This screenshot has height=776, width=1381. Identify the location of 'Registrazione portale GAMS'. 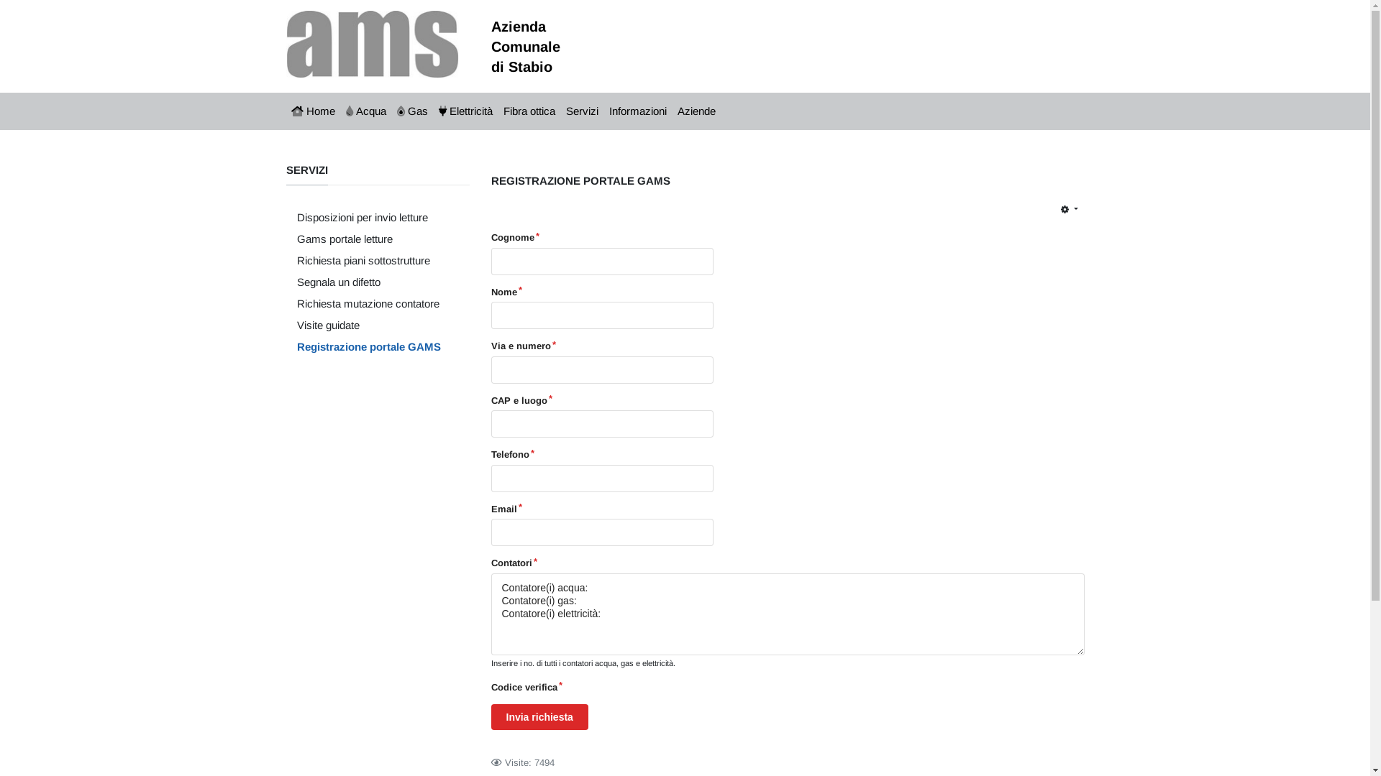
(368, 346).